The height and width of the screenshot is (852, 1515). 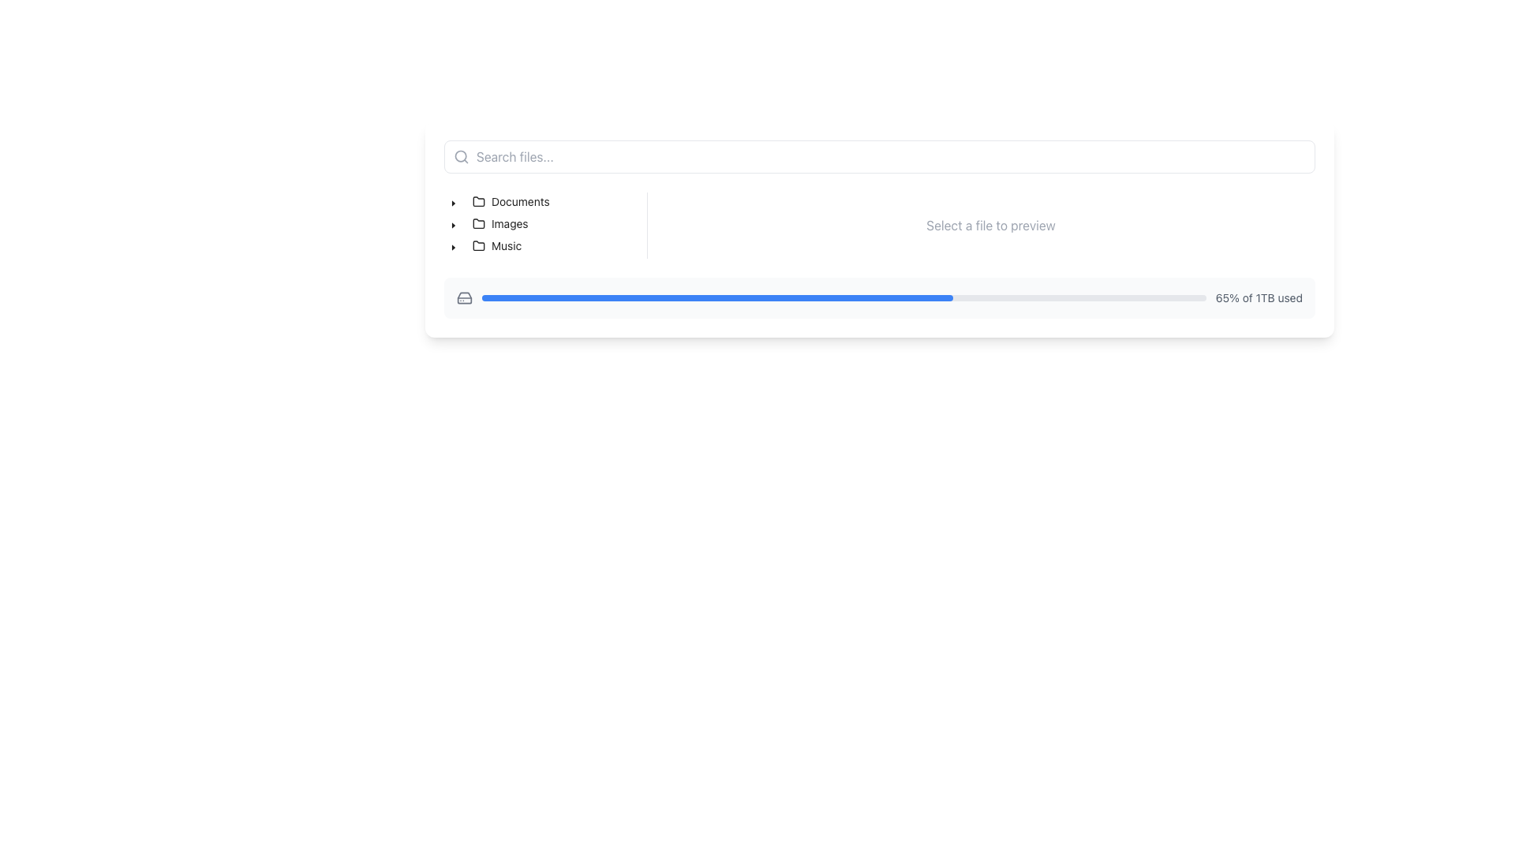 What do you see at coordinates (460, 156) in the screenshot?
I see `the SVG Circle that represents the search functionality located at the center of the left side of the search bar interface` at bounding box center [460, 156].